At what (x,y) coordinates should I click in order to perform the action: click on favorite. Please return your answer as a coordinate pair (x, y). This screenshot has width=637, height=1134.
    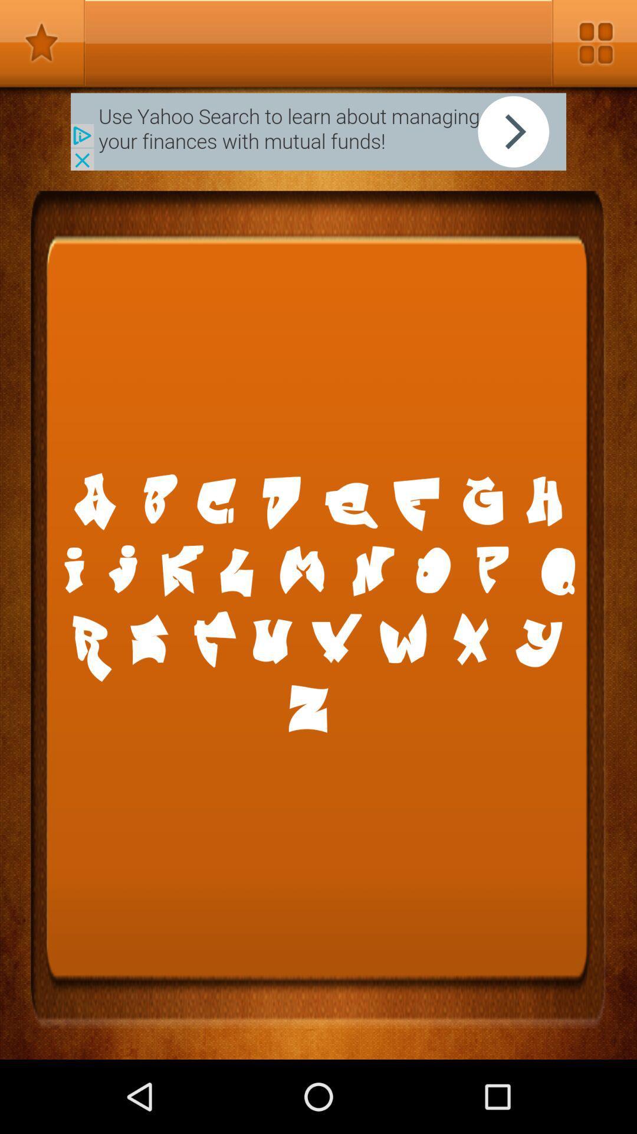
    Looking at the image, I should click on (42, 43).